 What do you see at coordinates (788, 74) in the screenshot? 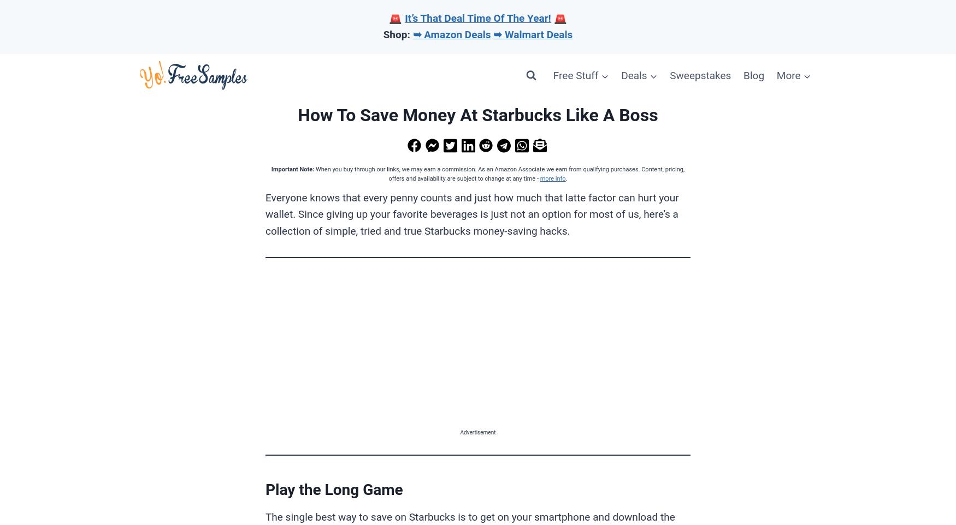
I see `'More'` at bounding box center [788, 74].